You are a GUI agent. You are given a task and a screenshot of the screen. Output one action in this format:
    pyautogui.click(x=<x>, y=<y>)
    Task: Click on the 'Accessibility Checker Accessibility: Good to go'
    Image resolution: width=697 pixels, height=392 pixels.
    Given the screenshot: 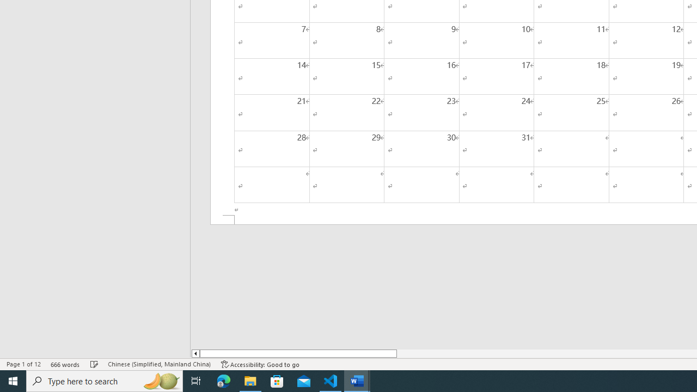 What is the action you would take?
    pyautogui.click(x=260, y=364)
    